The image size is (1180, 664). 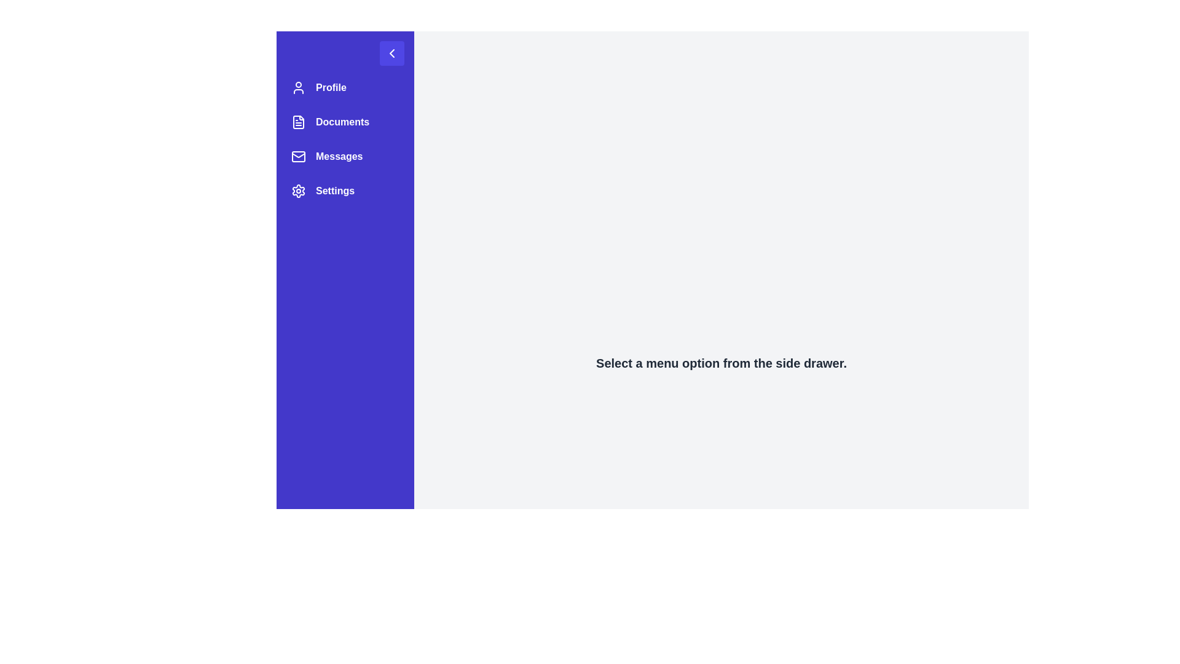 I want to click on the Navigation Button, which is the fourth entry in the vertical menu on the left side of the interface, so click(x=344, y=191).